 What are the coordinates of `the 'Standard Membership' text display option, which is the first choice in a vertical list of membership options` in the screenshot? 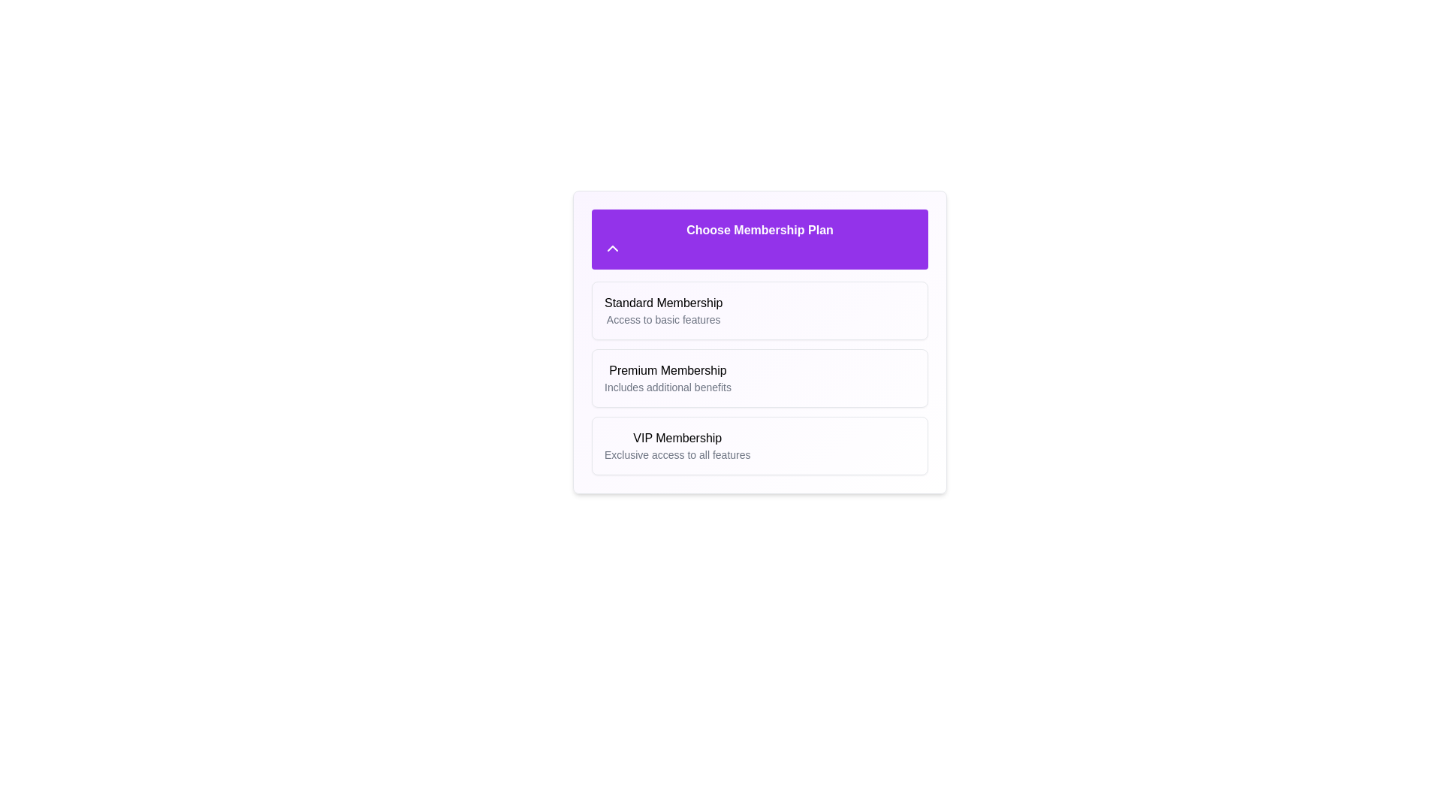 It's located at (662, 309).